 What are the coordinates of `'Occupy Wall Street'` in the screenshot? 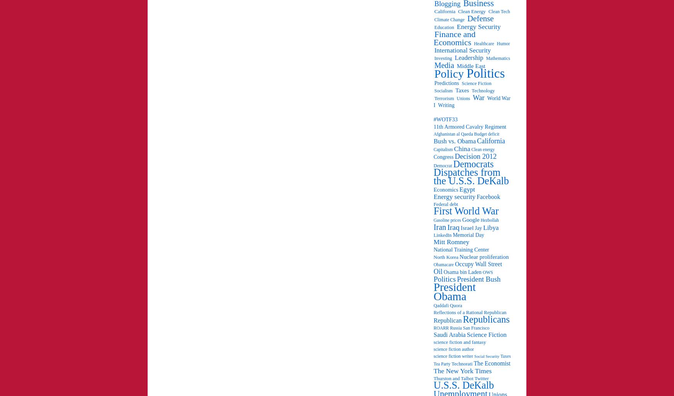 It's located at (478, 264).